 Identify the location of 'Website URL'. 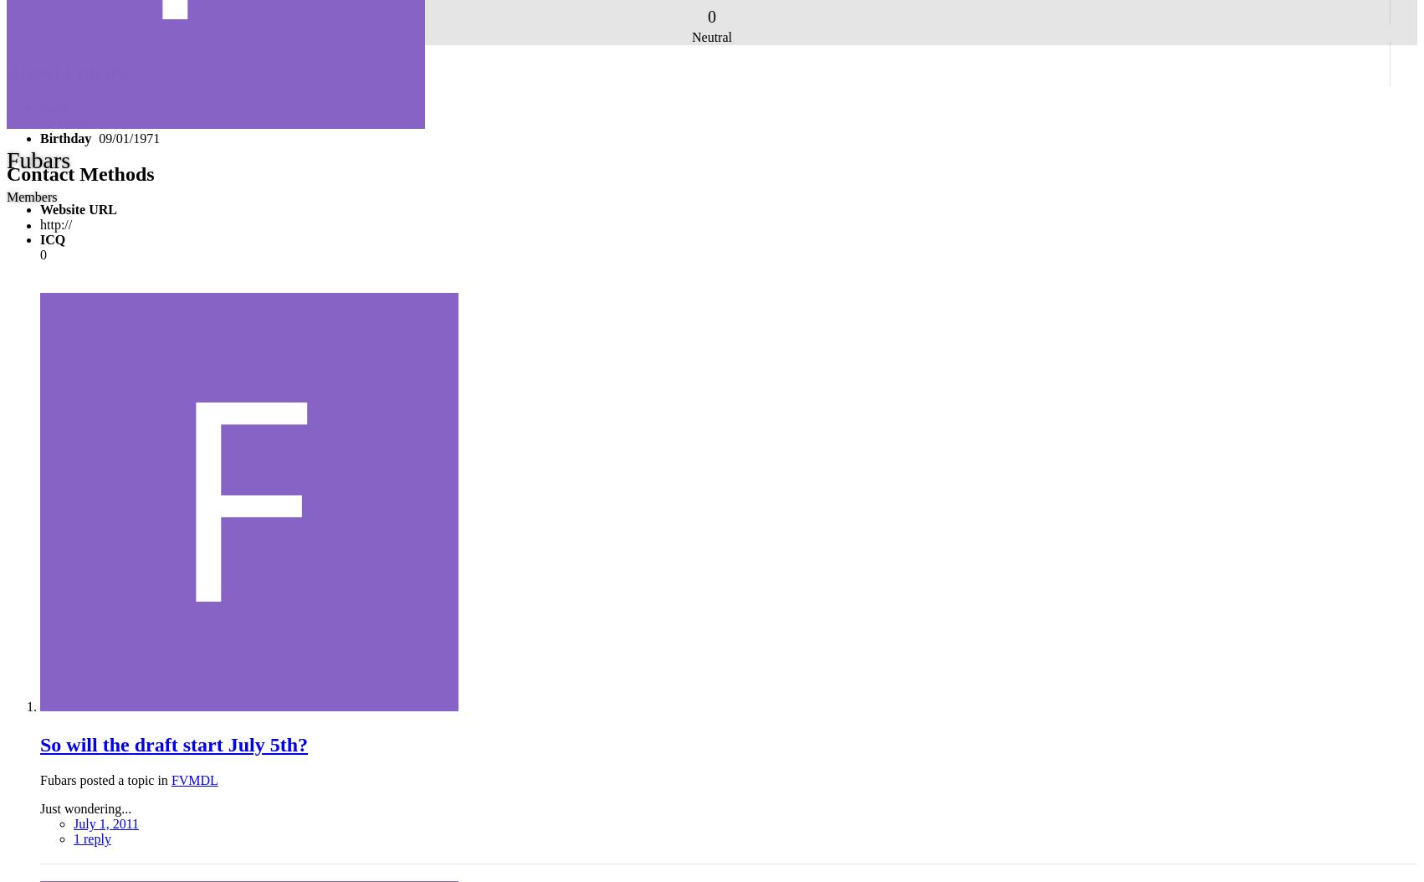
(78, 208).